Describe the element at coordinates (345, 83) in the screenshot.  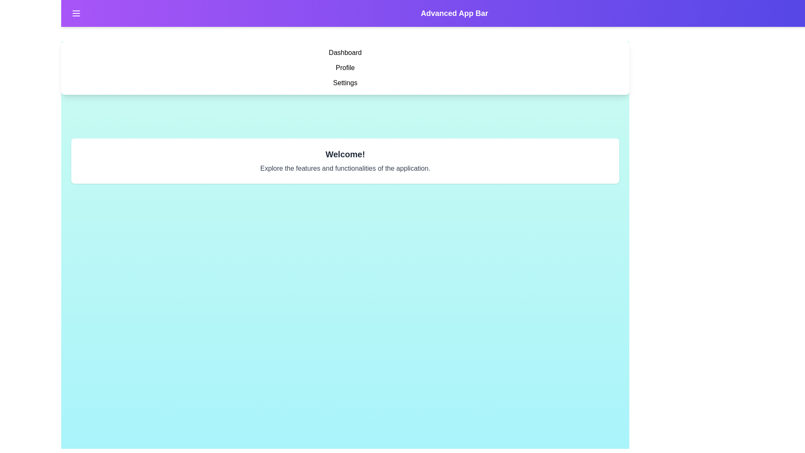
I see `the 'Settings' menu item in the sidebar` at that location.